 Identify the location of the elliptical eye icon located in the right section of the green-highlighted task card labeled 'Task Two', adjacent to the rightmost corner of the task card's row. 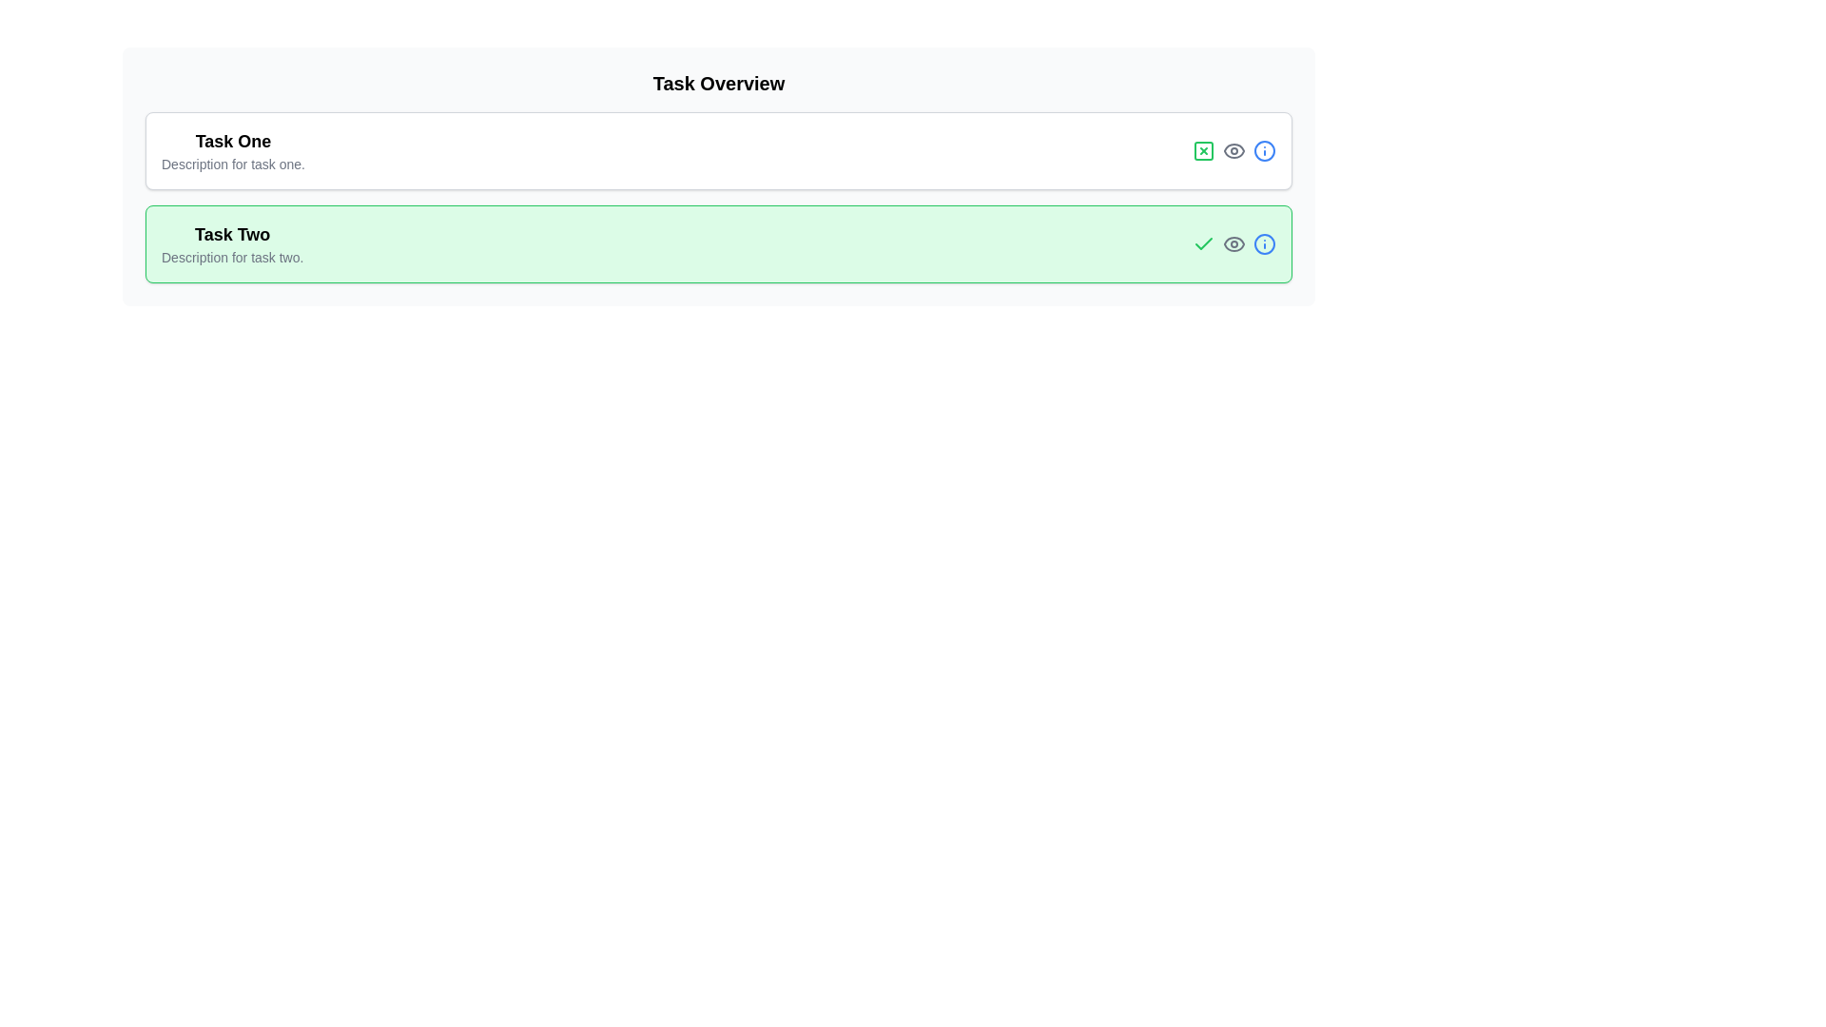
(1234, 243).